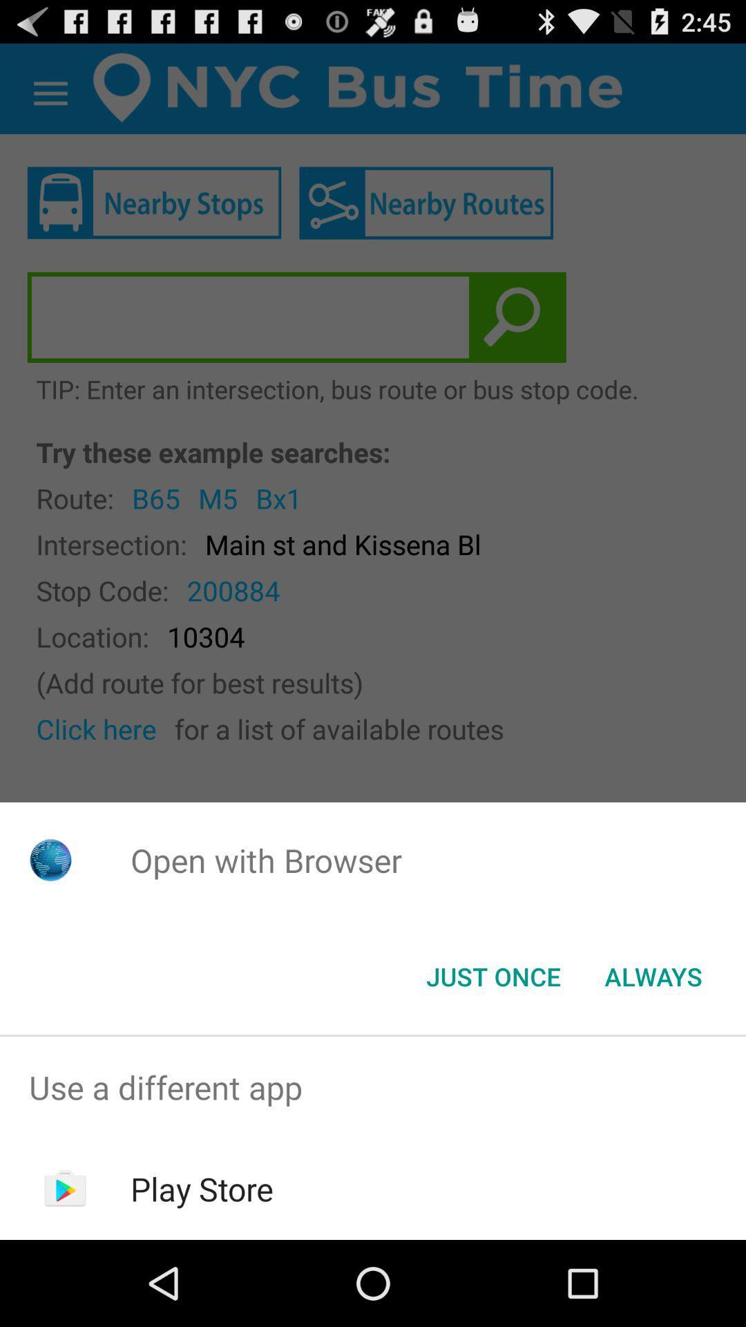  Describe the element at coordinates (492, 975) in the screenshot. I see `the just once` at that location.